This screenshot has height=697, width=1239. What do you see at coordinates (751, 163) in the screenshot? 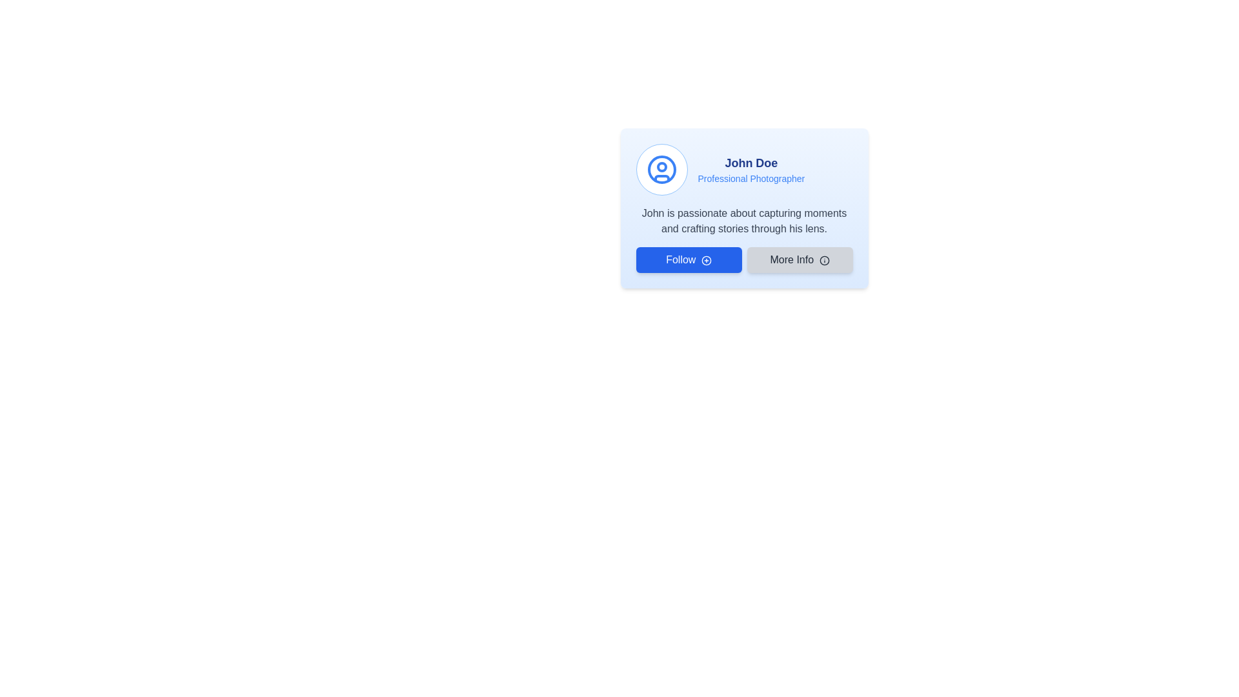
I see `text label that represents the name of the user associated with the profile information, positioned above the text 'Professional Photographer' and aligned with the left edge of the avatar icon` at bounding box center [751, 163].